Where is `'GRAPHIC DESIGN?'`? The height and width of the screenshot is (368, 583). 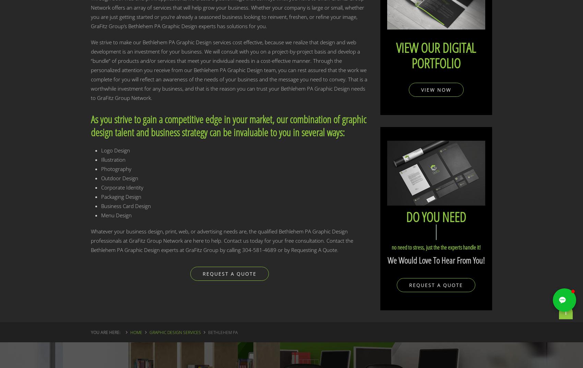 'GRAPHIC DESIGN?' is located at coordinates (433, 232).